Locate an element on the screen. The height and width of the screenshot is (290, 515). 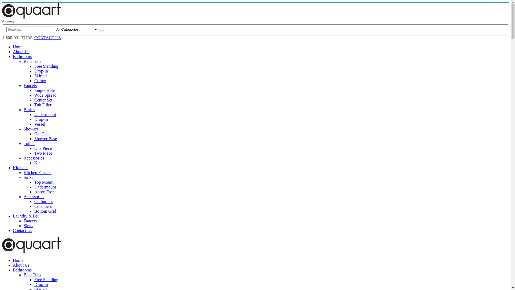
'Home' is located at coordinates (18, 260).